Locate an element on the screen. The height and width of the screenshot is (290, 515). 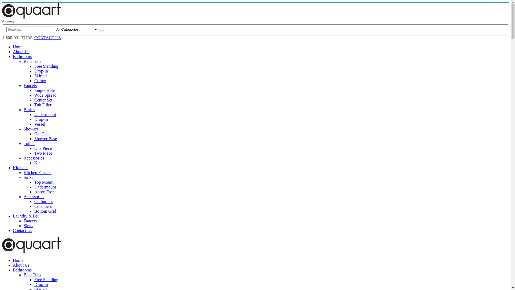
'Home' is located at coordinates (18, 260).